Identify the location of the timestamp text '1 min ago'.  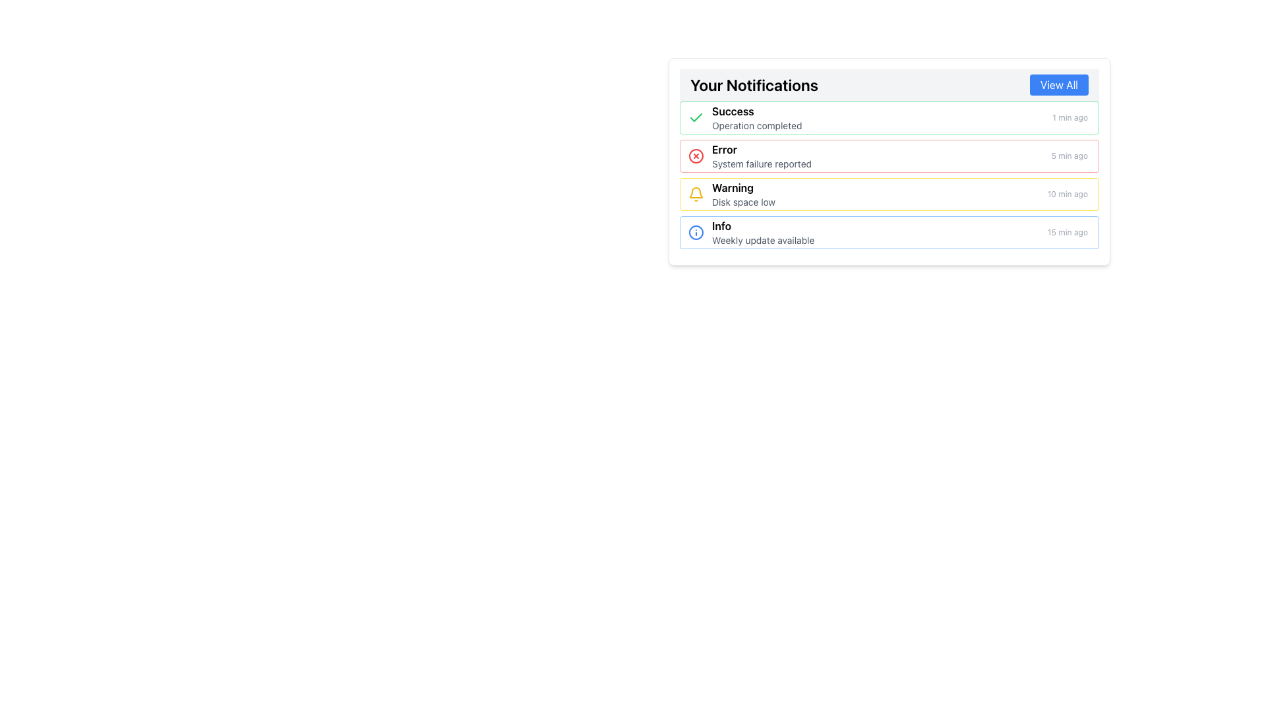
(1070, 117).